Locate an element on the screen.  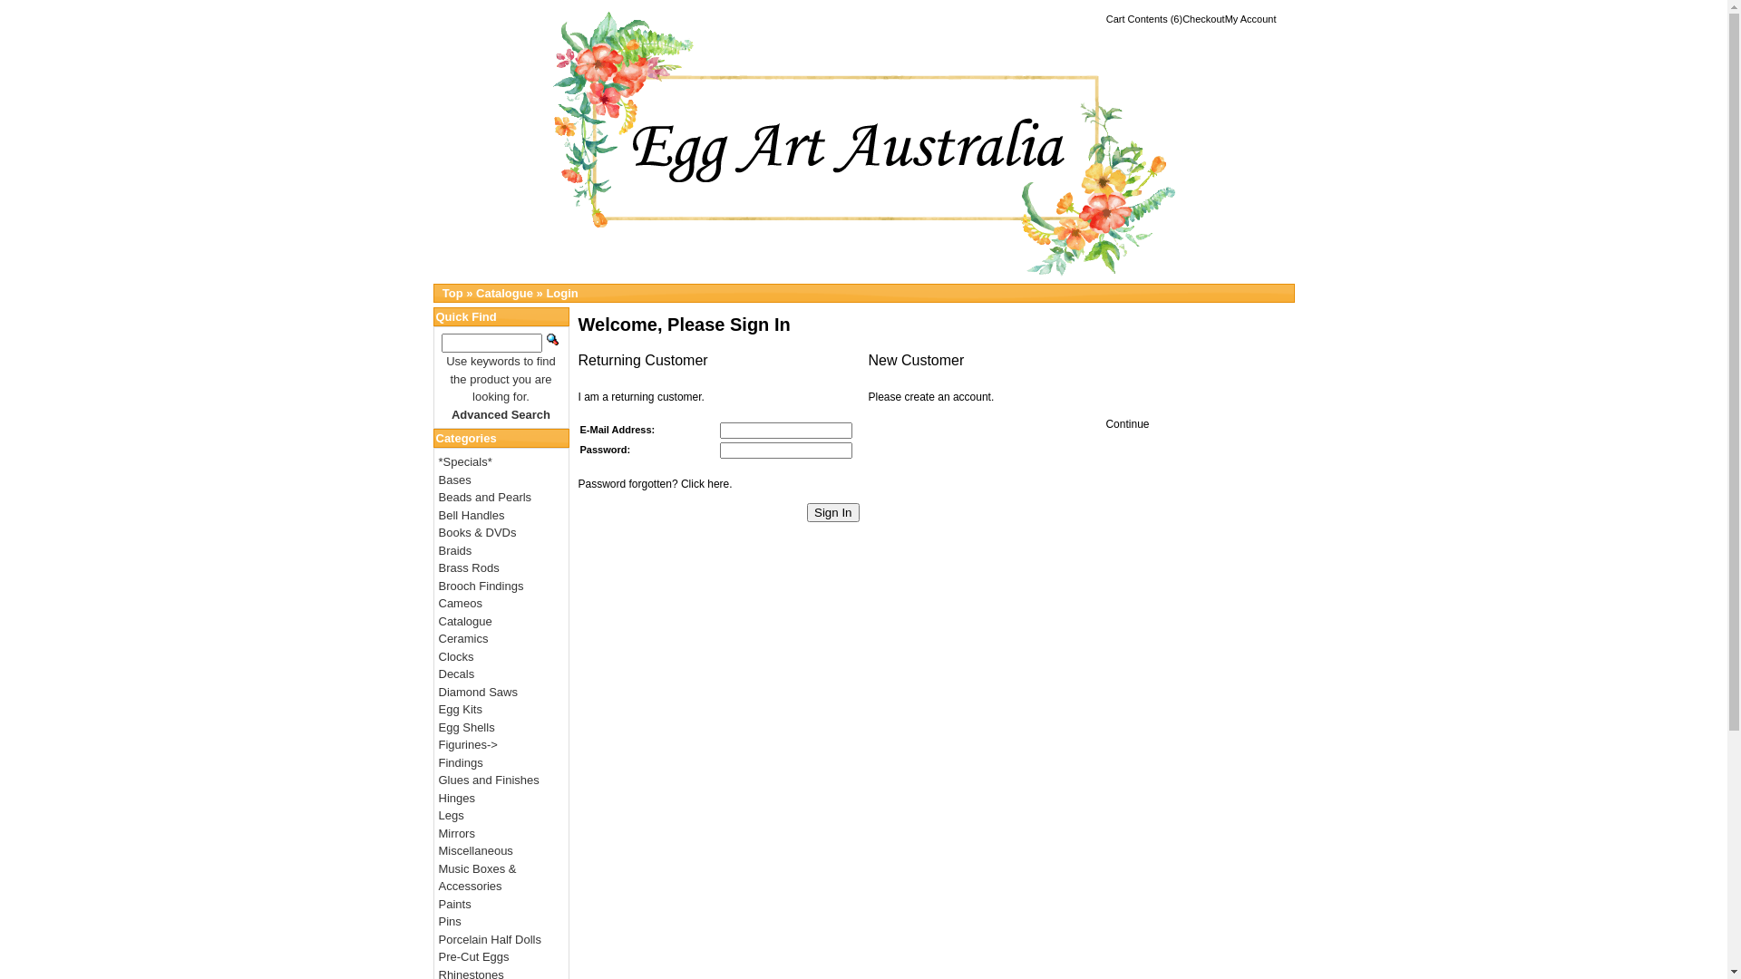
'Advanced Search' is located at coordinates (501, 414).